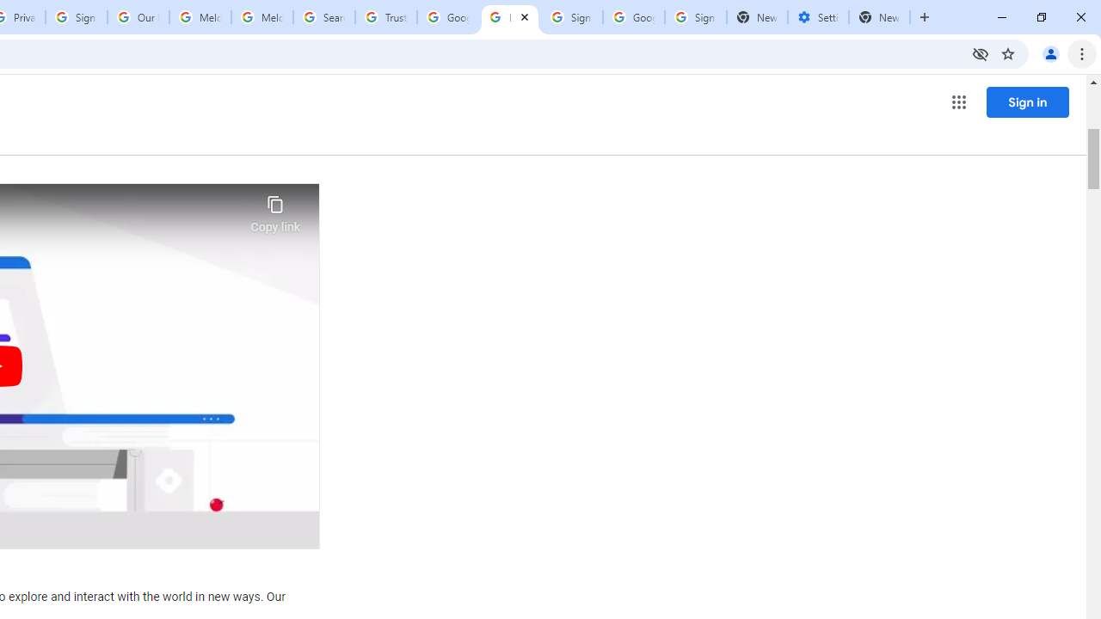  Describe the element at coordinates (633, 17) in the screenshot. I see `'Google Cybersecurity Innovations - Google Safety Center'` at that location.